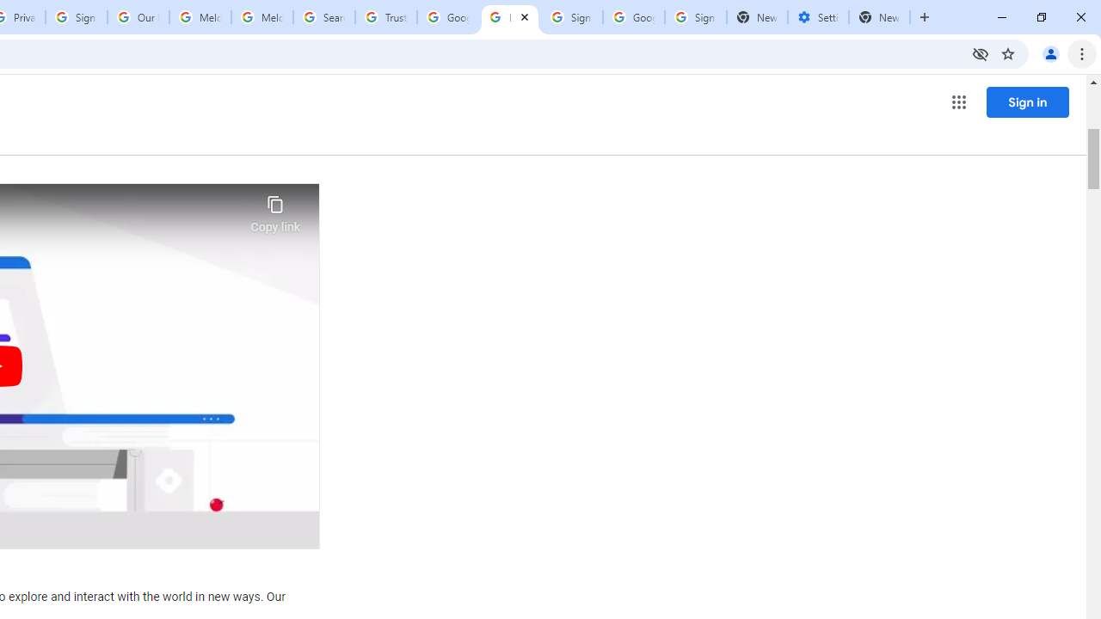  Describe the element at coordinates (633, 17) in the screenshot. I see `'Google Cybersecurity Innovations - Google Safety Center'` at that location.